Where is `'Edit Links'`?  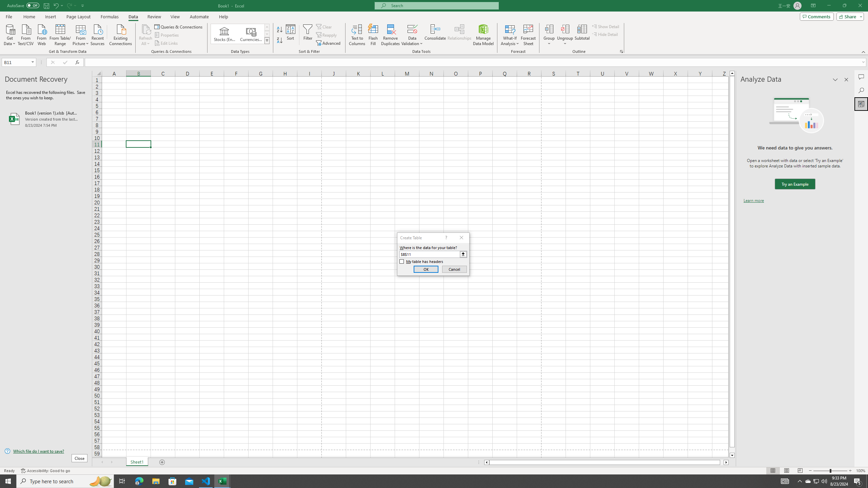
'Edit Links' is located at coordinates (166, 43).